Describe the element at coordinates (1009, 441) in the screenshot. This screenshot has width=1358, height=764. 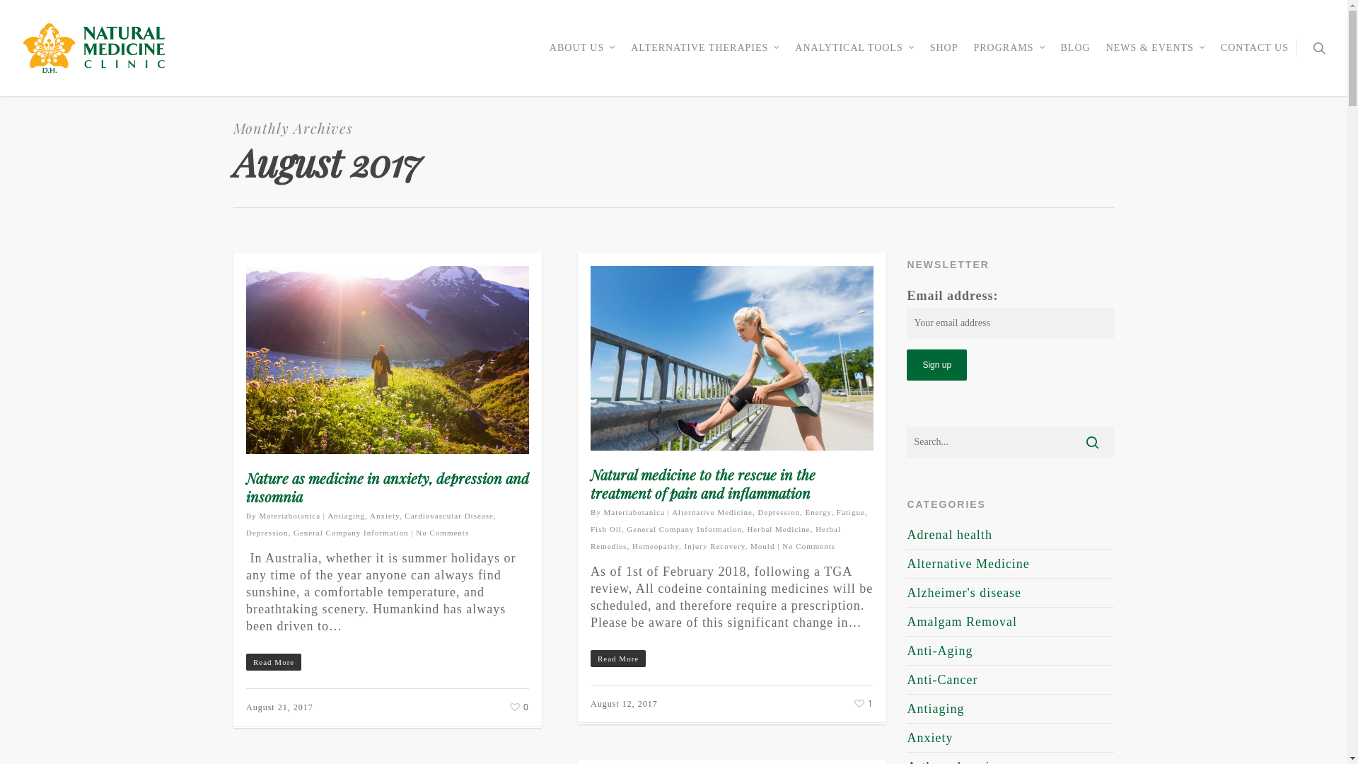
I see `'Search for:'` at that location.